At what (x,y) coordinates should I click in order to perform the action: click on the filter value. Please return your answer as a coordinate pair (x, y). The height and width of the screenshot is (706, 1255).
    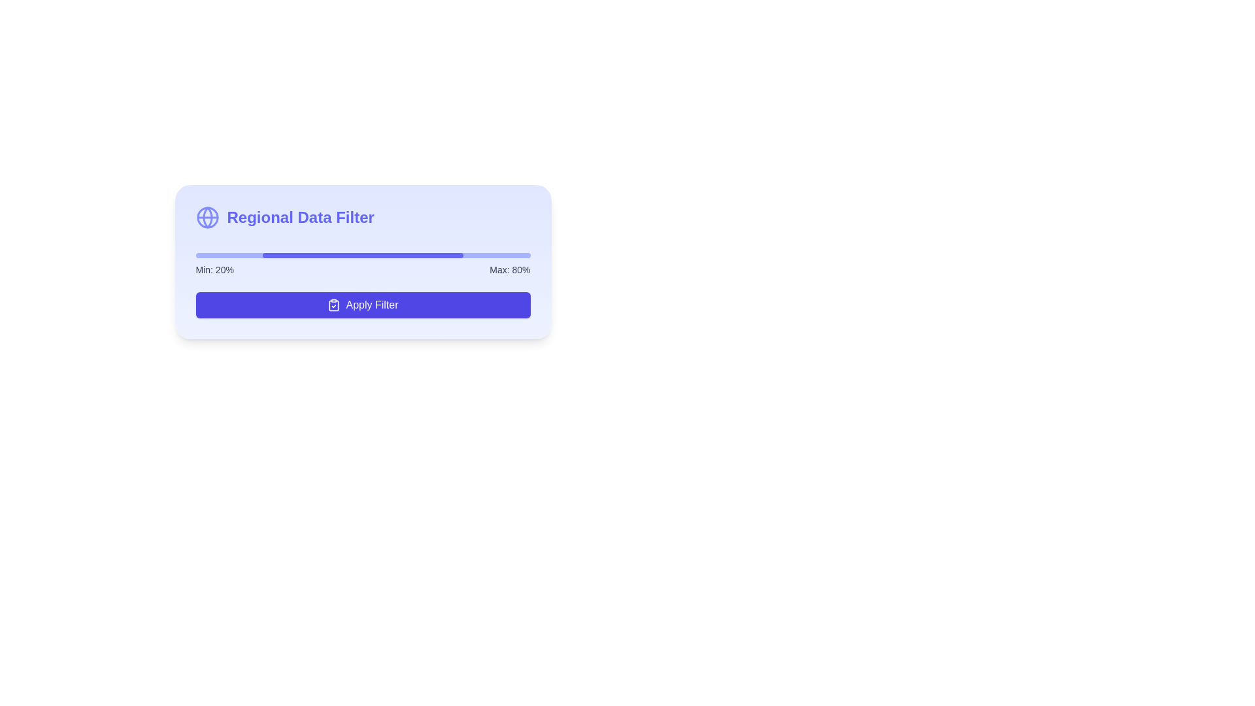
    Looking at the image, I should click on (376, 255).